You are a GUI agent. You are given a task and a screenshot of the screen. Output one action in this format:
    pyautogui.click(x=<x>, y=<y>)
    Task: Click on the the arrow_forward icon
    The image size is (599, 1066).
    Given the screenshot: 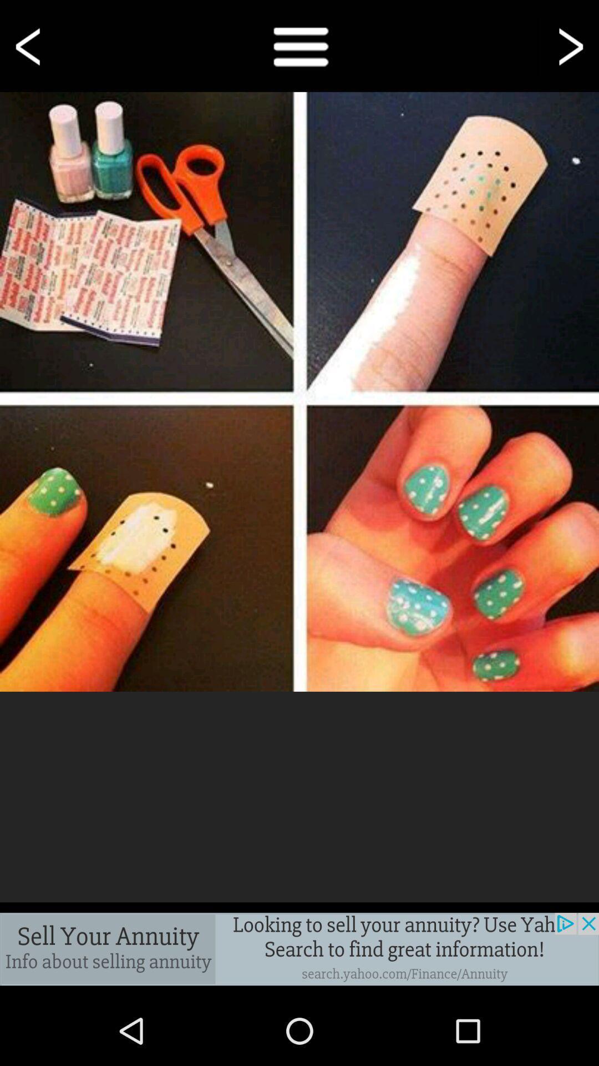 What is the action you would take?
    pyautogui.click(x=569, y=48)
    